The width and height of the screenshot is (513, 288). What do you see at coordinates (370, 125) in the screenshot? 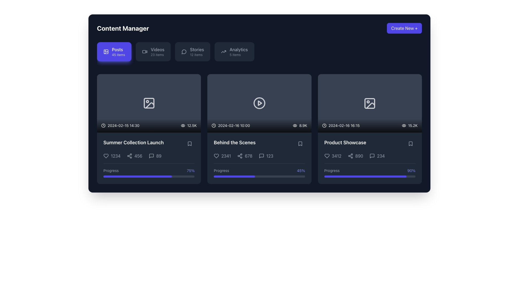
I see `the details displayed in the informational label showing the timestamp and view count in the bottom-right section of the third card in the grid` at bounding box center [370, 125].